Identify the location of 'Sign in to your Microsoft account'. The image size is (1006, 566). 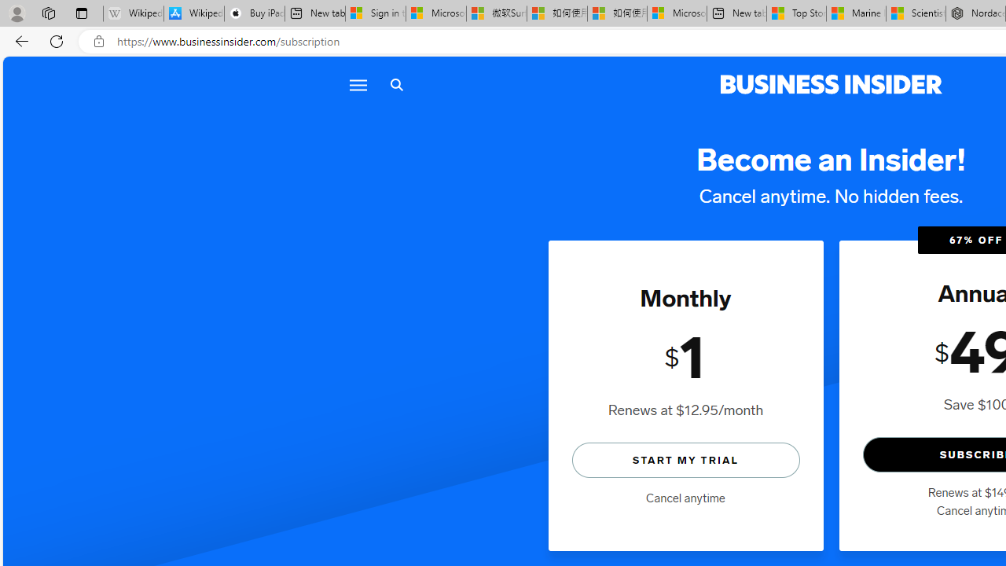
(375, 13).